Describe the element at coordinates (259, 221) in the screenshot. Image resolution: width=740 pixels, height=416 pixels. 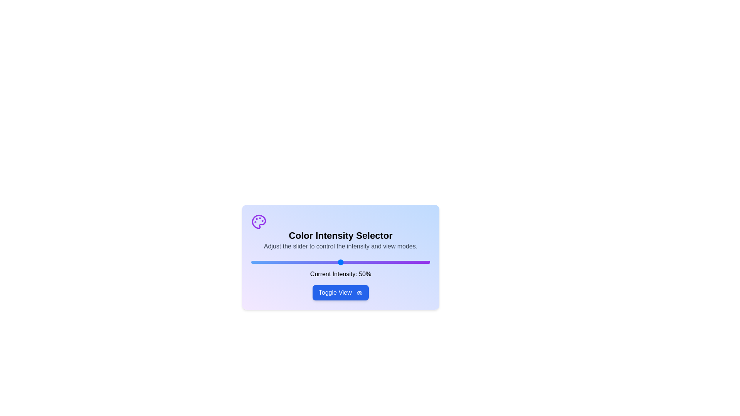
I see `the palette icon to observe any feedback or hover effects` at that location.